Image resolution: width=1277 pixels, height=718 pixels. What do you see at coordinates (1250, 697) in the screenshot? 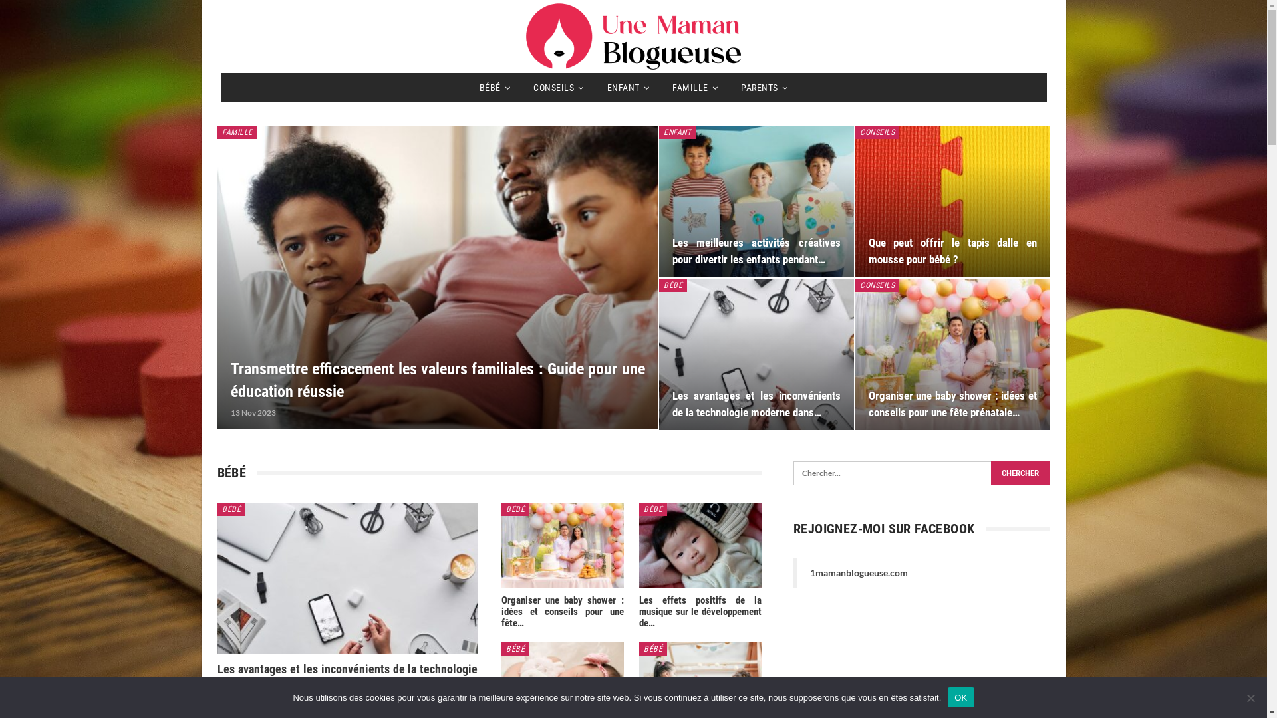
I see `'Non'` at bounding box center [1250, 697].